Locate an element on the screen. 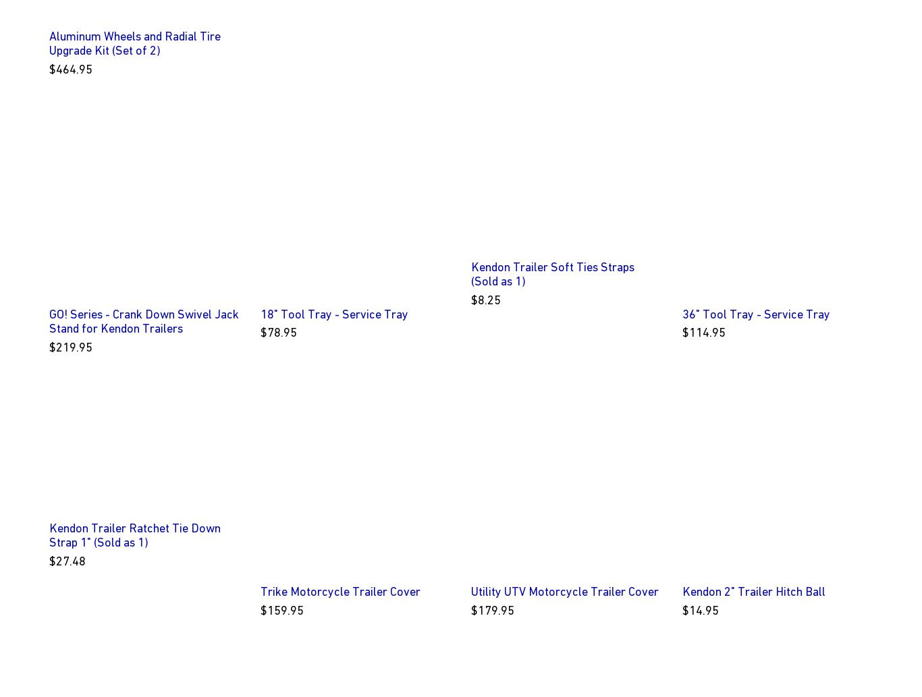  'GO! Series - Crank Down Swivel Jack Stand for Kendon Trailers' is located at coordinates (143, 320).